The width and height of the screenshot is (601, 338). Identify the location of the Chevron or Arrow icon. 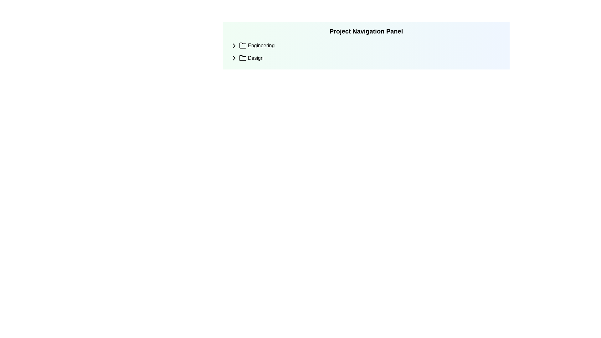
(234, 45).